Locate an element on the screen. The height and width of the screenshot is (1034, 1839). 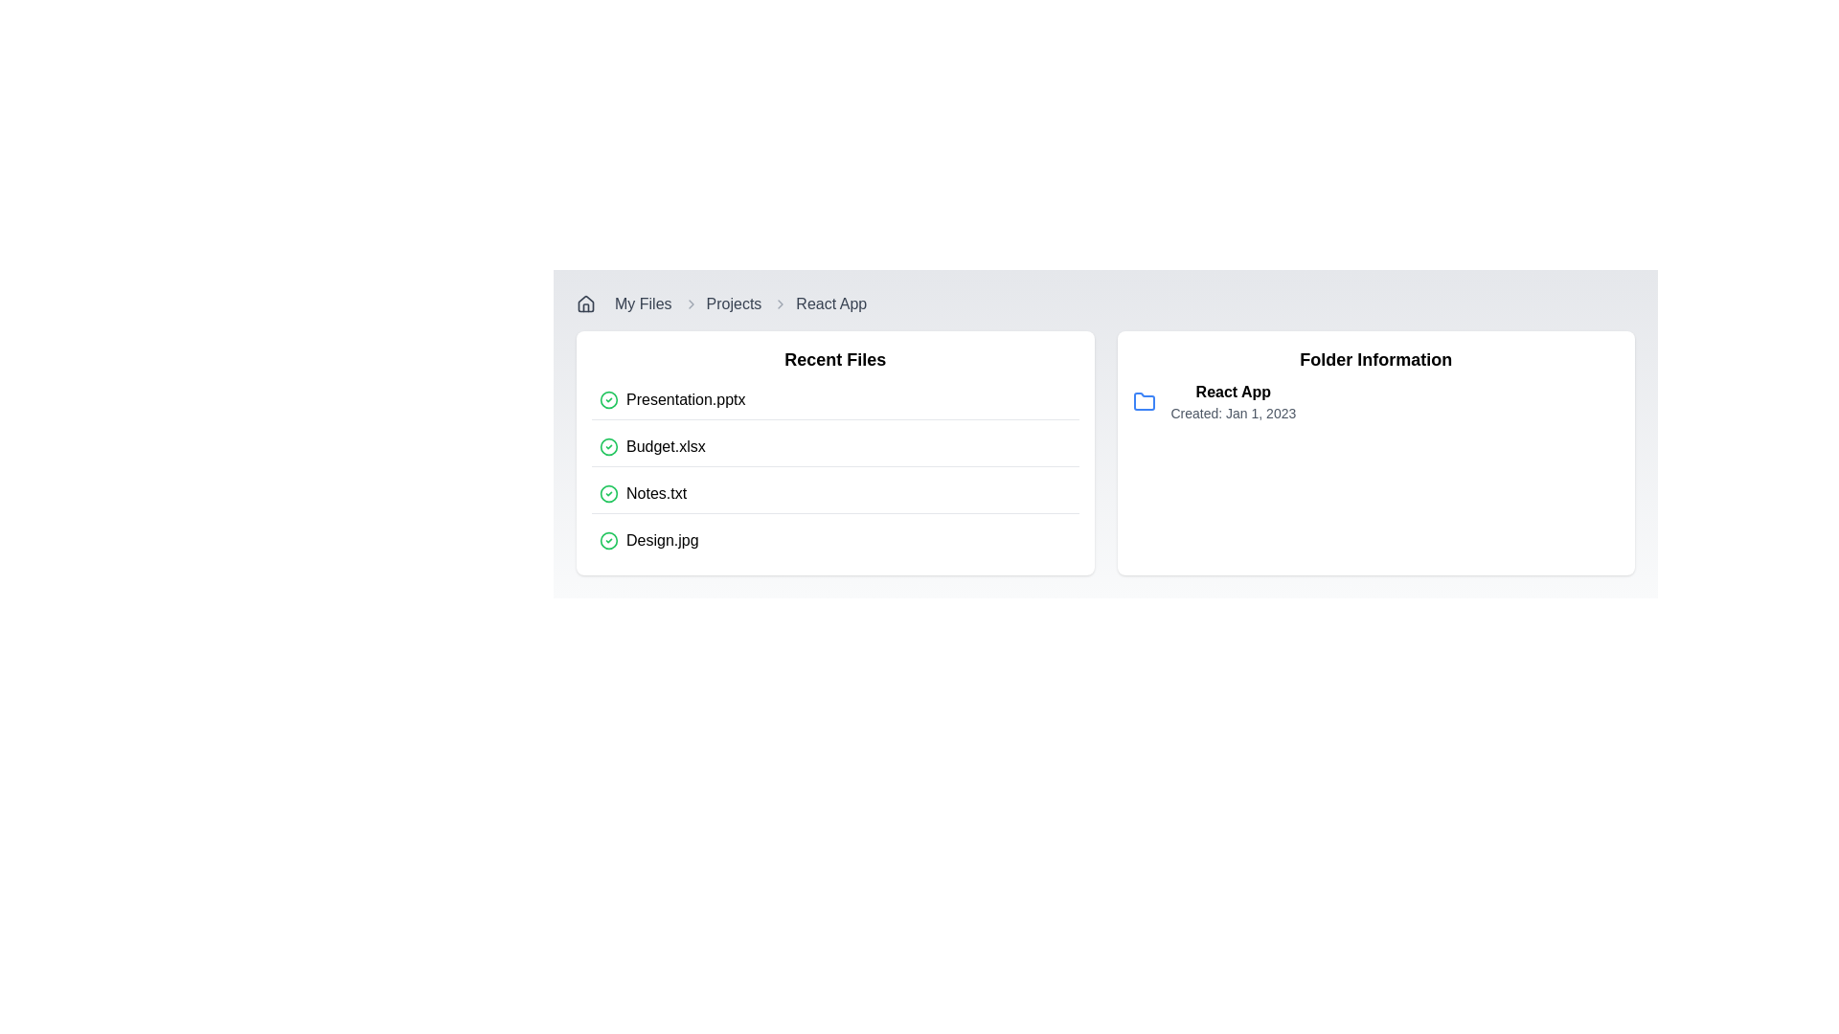
the text label displaying the name and creation date of the folder named 'React App', located in the 'Folder Information' section to the right of the blue folder icon is located at coordinates (1233, 401).